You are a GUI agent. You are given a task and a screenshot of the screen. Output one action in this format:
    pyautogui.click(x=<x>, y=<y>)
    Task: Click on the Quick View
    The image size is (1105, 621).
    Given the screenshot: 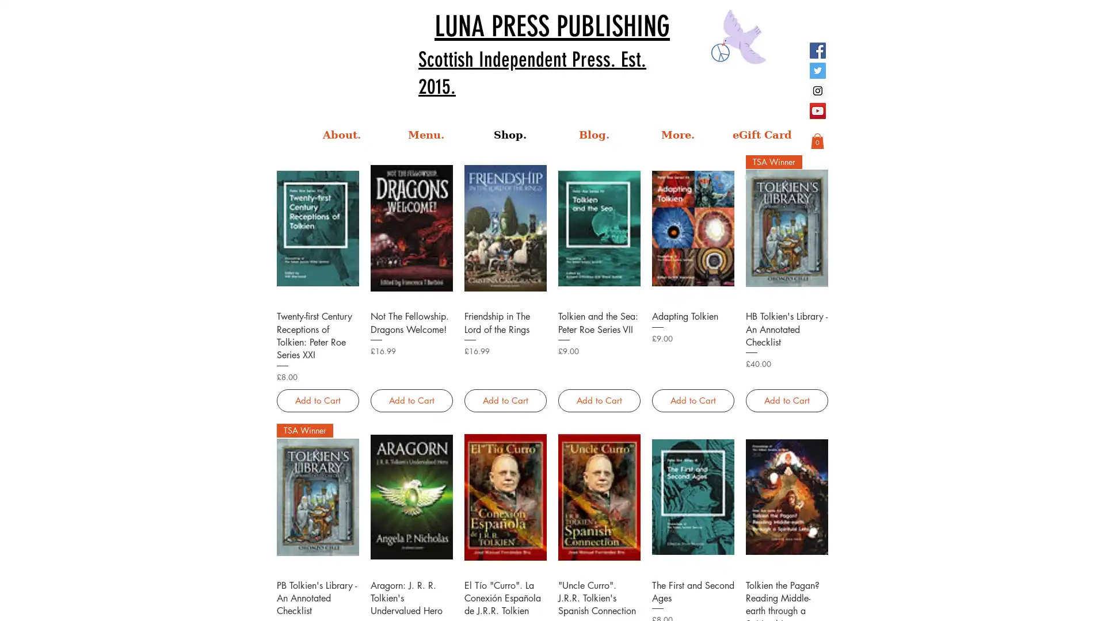 What is the action you would take?
    pyautogui.click(x=505, y=315)
    